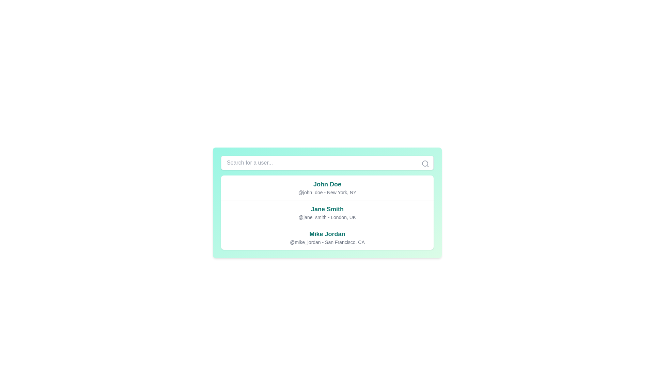 This screenshot has height=368, width=654. I want to click on the text label displaying the username '@john_doe - New York, NY', which is located below the main name text 'John Doe' in the card-like layout, so click(327, 192).